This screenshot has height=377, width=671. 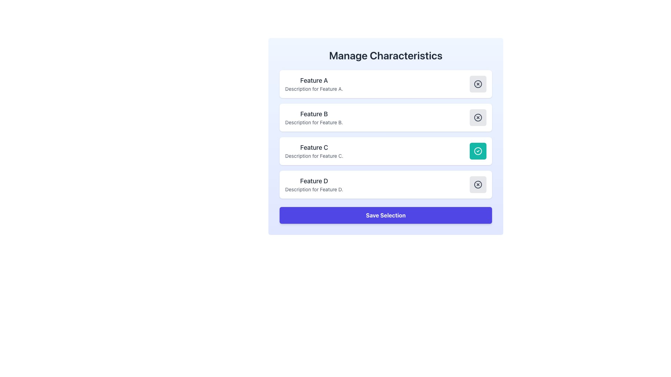 What do you see at coordinates (313, 190) in the screenshot?
I see `the Text Label that provides a brief description about 'Feature D' located below the heading 'Feature D' in the last item of a vertically aligned list` at bounding box center [313, 190].